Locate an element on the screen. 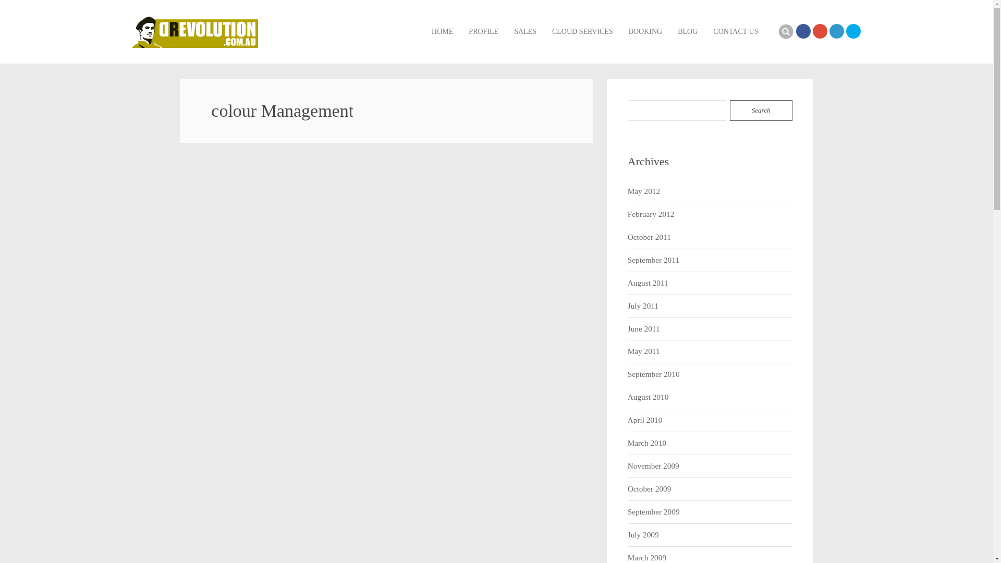  'BOOKING' is located at coordinates (645, 31).